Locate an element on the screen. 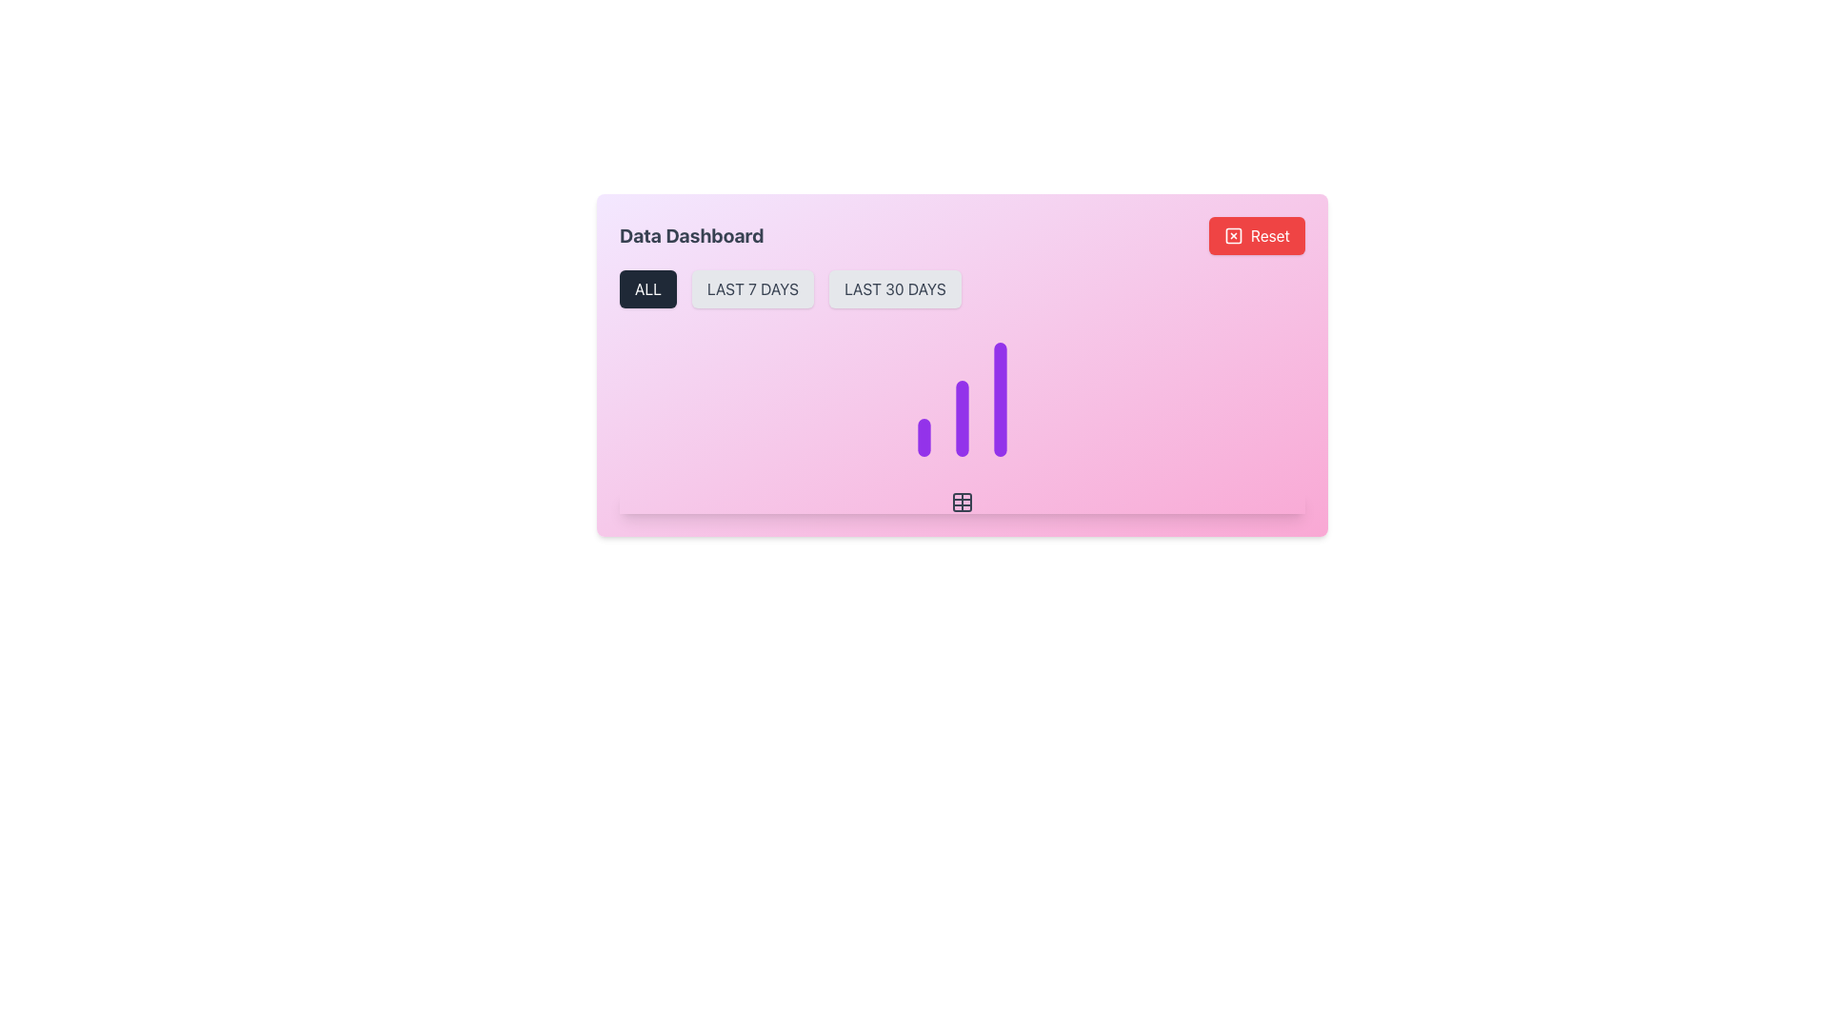 The image size is (1828, 1028). the purple bar chart located in the middle section of the interface, beneath the filter buttons labeled 'ALL', 'LAST 7 DAYS', and 'LAST 30 DAYS' is located at coordinates (963, 399).